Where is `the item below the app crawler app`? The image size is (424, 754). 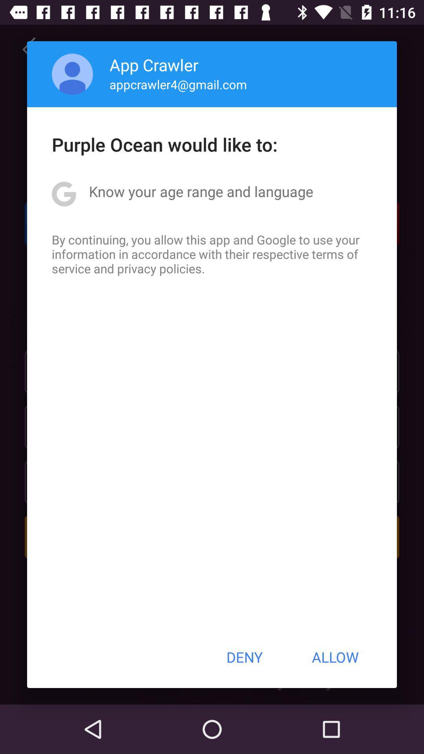
the item below the app crawler app is located at coordinates (178, 84).